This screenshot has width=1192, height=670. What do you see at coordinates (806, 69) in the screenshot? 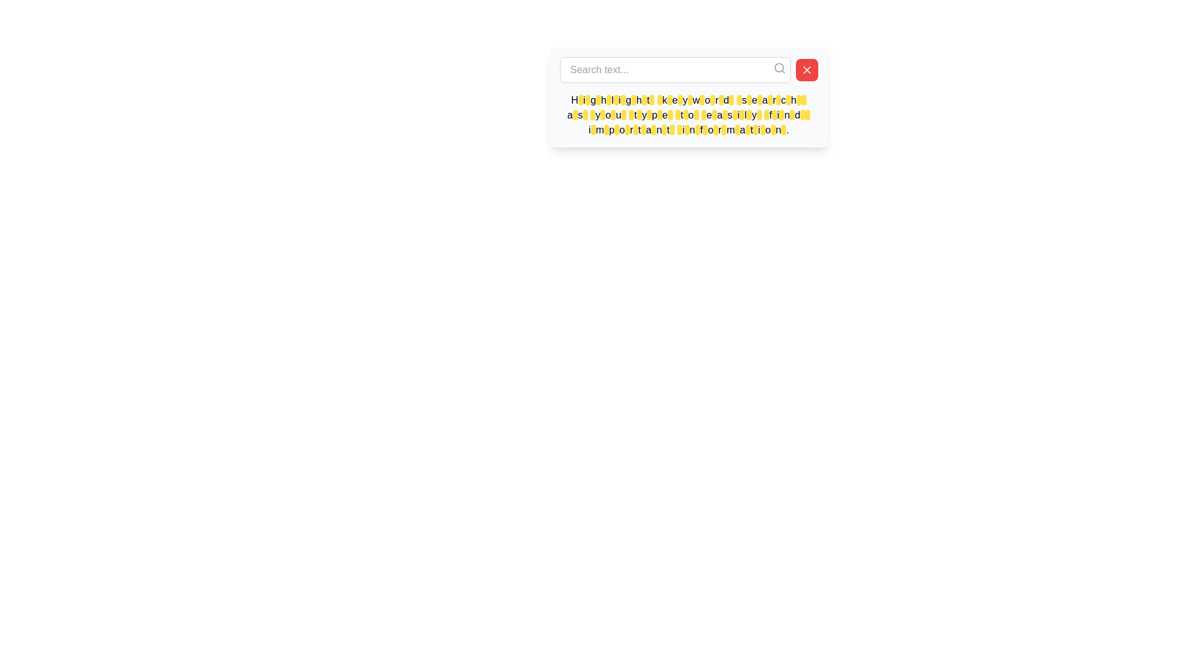
I see `the clear or close button located to the right of the search bar` at bounding box center [806, 69].